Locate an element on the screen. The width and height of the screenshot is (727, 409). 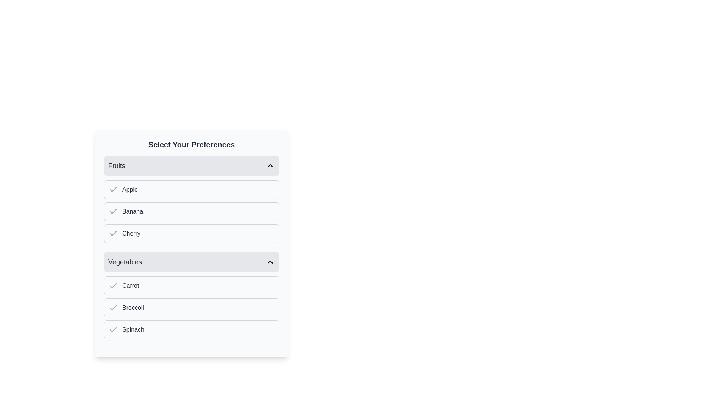
the text label 'Apple' located in the 'Fruits' section of the preference selection panel is located at coordinates (130, 189).